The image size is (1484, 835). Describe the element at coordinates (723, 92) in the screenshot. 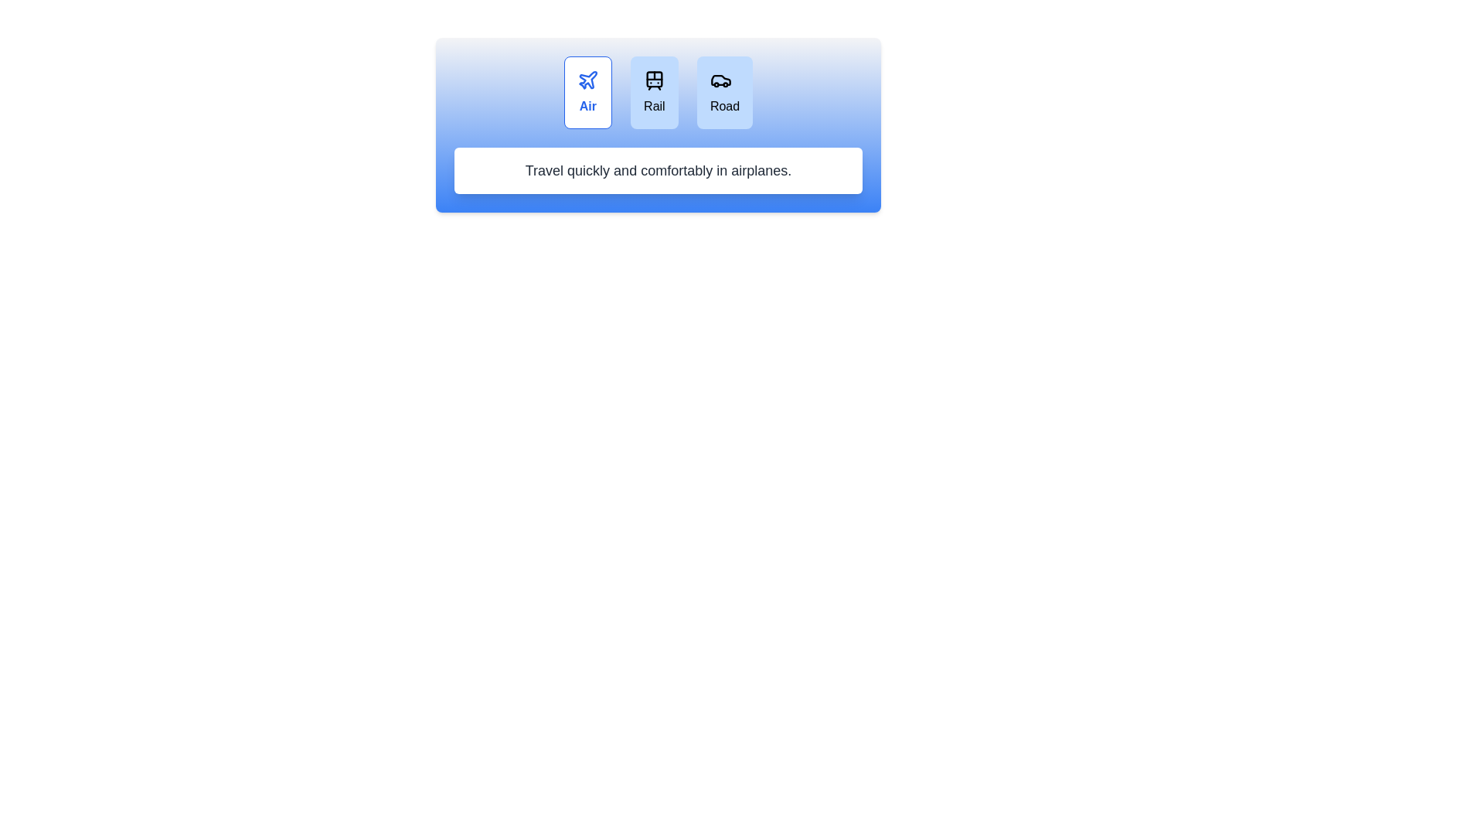

I see `the travel mode Road by clicking the respective button` at that location.